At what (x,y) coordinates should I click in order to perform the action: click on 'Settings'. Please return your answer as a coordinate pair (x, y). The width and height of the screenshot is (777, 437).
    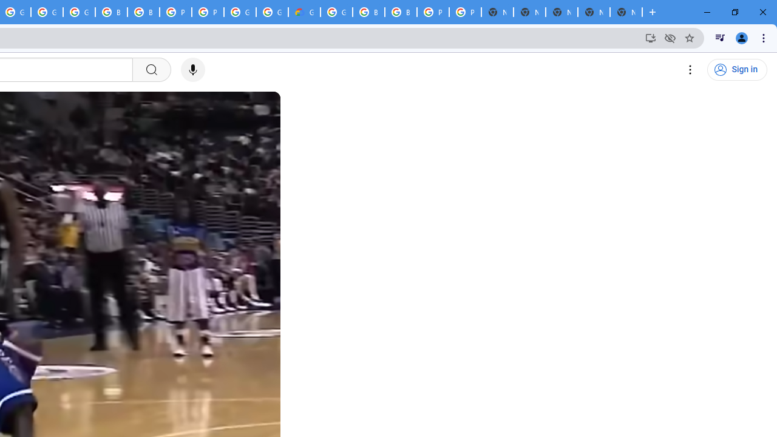
    Looking at the image, I should click on (690, 70).